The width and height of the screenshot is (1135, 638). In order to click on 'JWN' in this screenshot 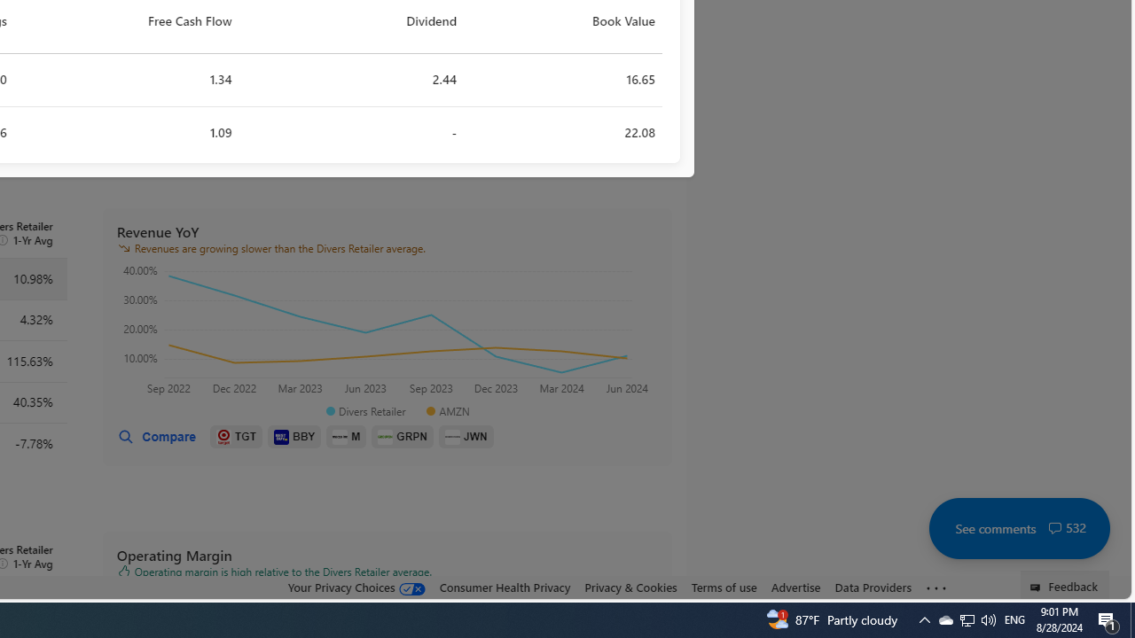, I will do `click(466, 437)`.